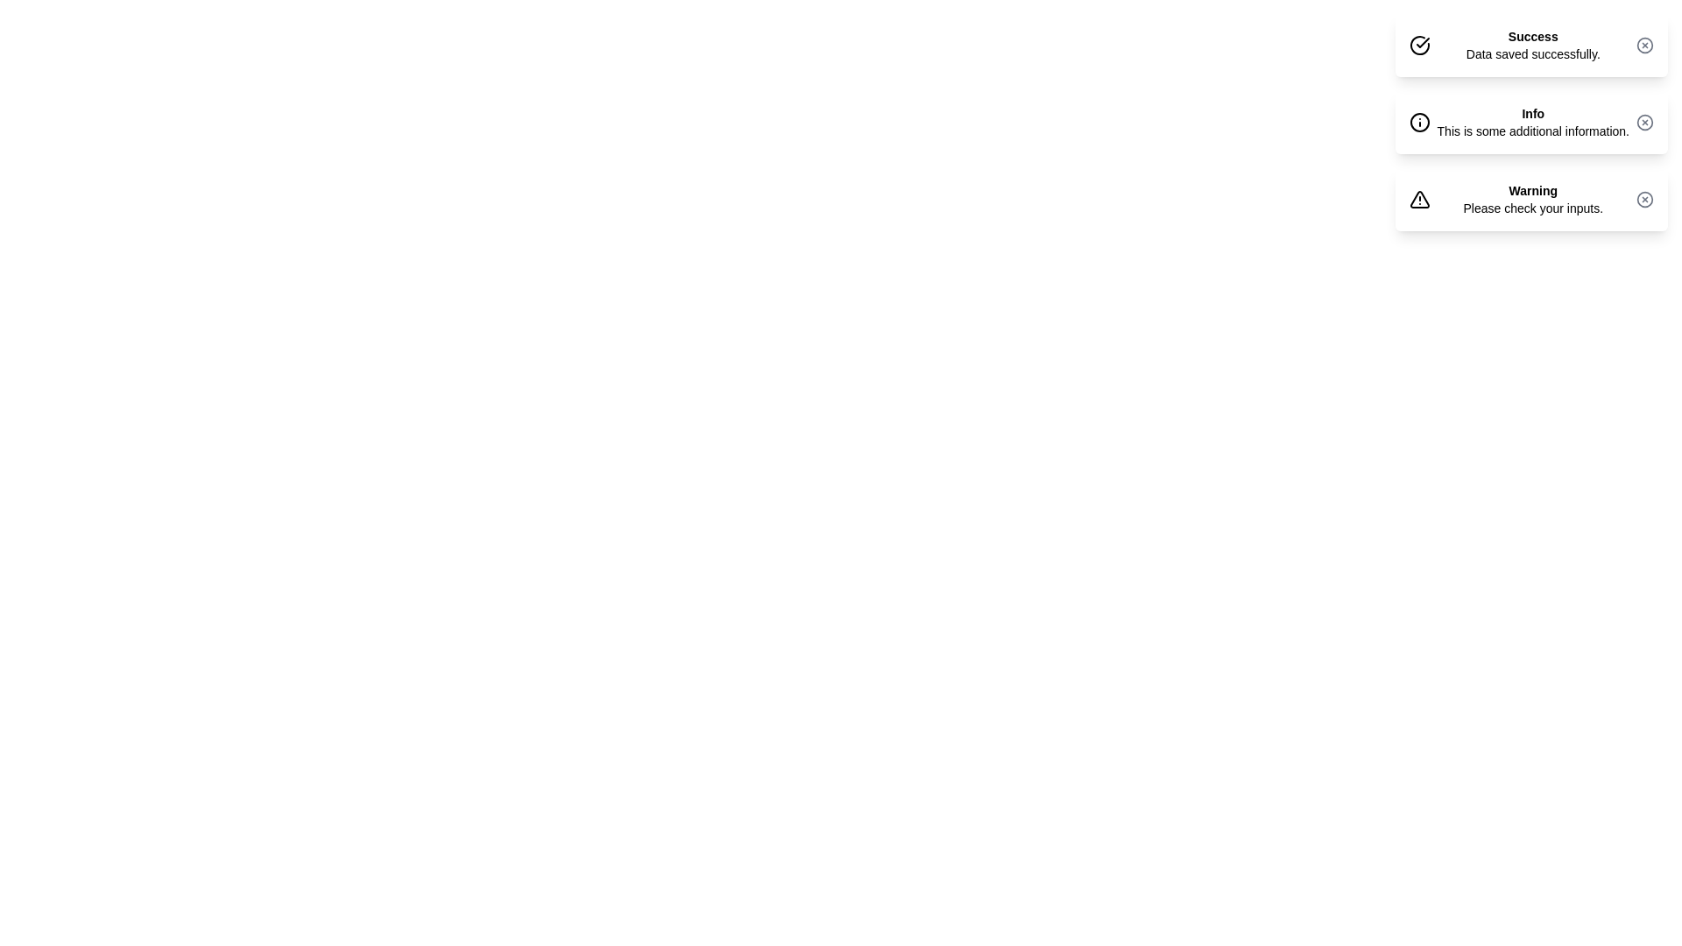 The height and width of the screenshot is (946, 1682). What do you see at coordinates (1532, 191) in the screenshot?
I see `the bold text displaying 'Warning' in black within the notification card, which is positioned above the message 'Please check your inputs.'` at bounding box center [1532, 191].